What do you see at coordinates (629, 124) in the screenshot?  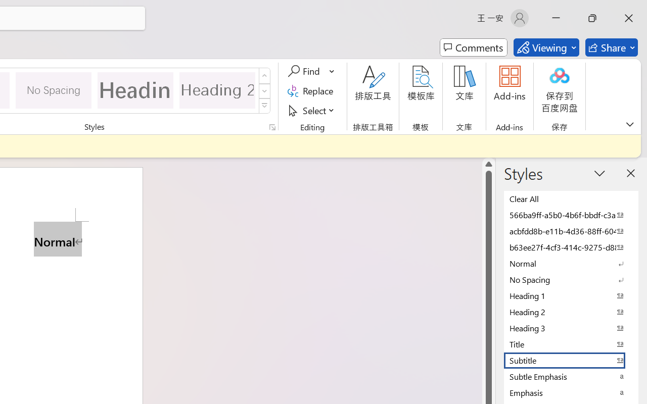 I see `'Ribbon Display Options'` at bounding box center [629, 124].